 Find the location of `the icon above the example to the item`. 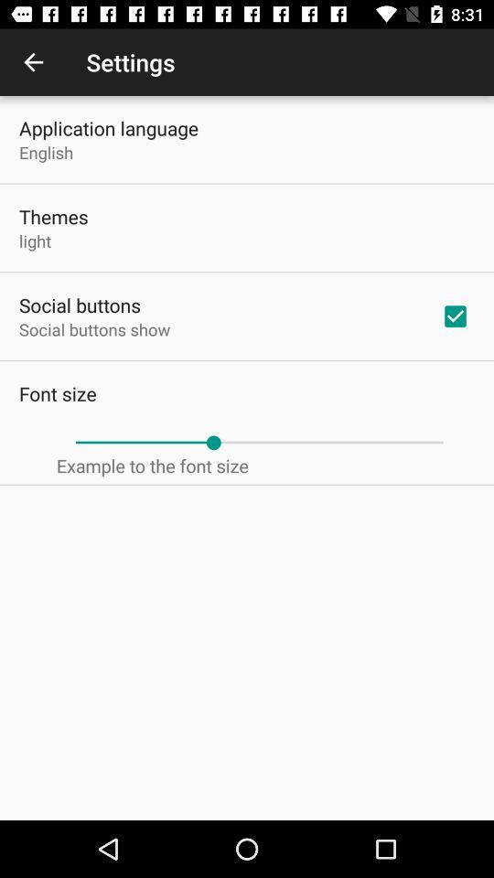

the icon above the example to the item is located at coordinates (258, 442).